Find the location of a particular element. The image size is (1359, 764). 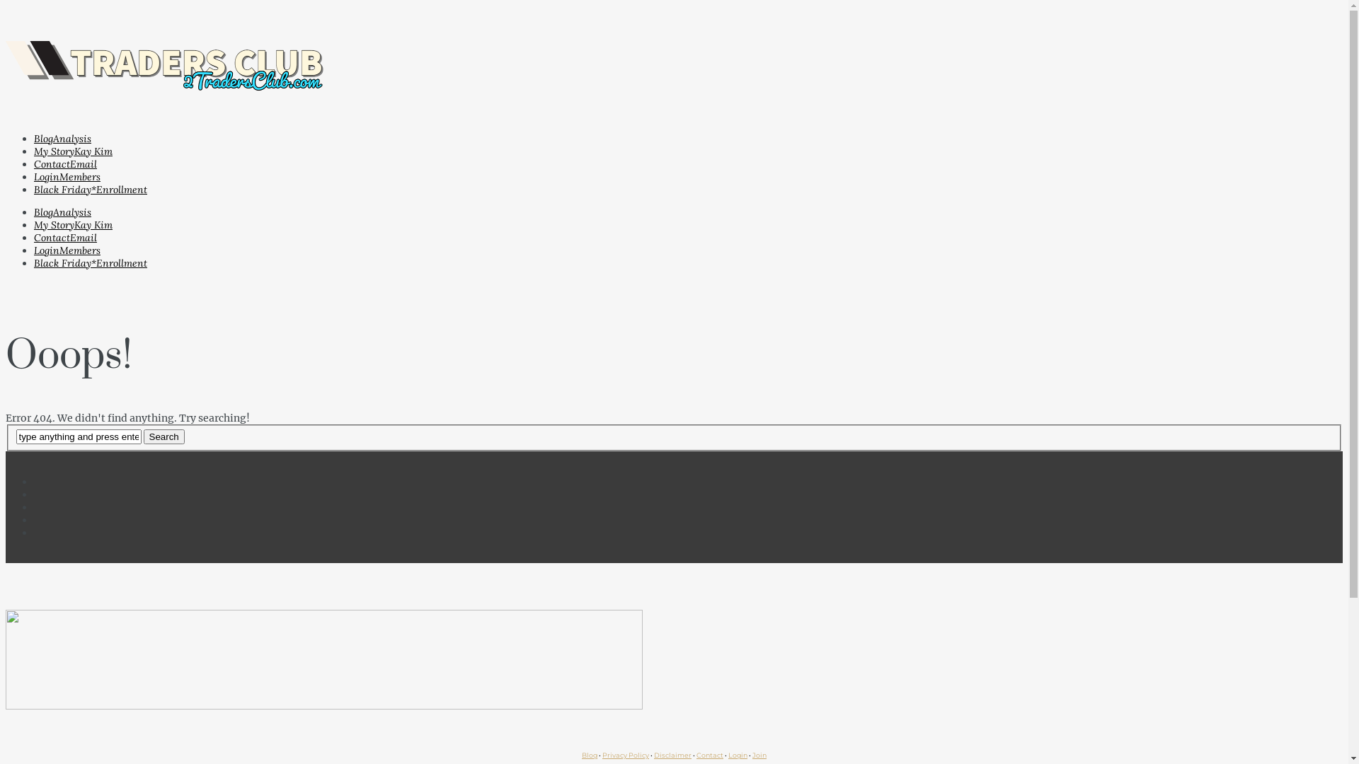

'Logi' is located at coordinates (728, 754).